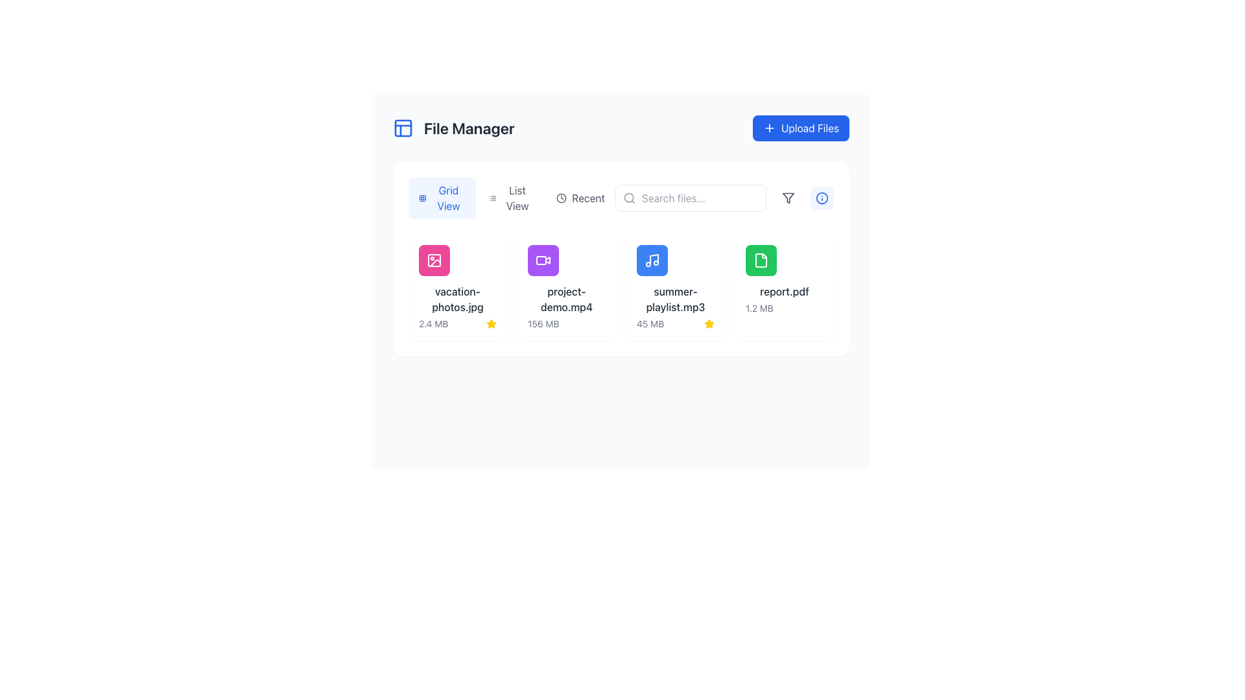 The width and height of the screenshot is (1245, 700). What do you see at coordinates (702, 321) in the screenshot?
I see `the trash bin icon button` at bounding box center [702, 321].